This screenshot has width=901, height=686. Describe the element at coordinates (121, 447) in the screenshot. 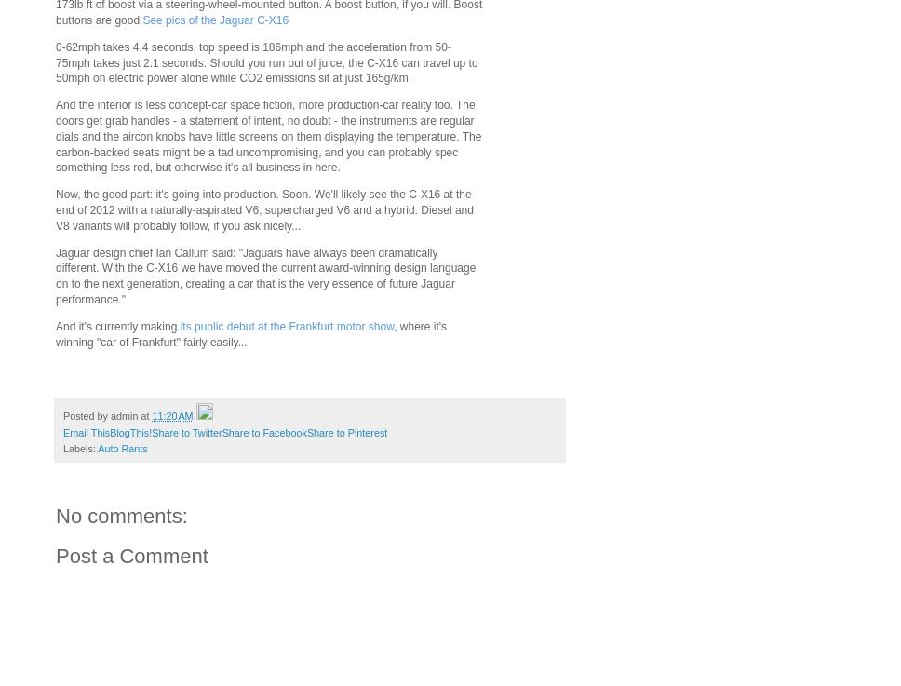

I see `'Auto Rants'` at that location.